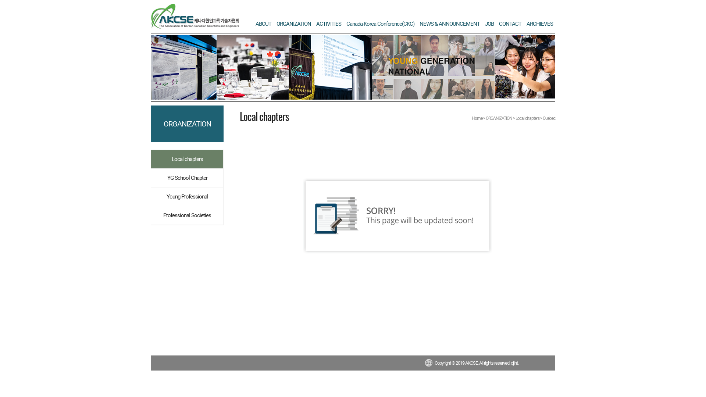  Describe the element at coordinates (449, 24) in the screenshot. I see `'NEWS & ANNOUNCEMENT'` at that location.